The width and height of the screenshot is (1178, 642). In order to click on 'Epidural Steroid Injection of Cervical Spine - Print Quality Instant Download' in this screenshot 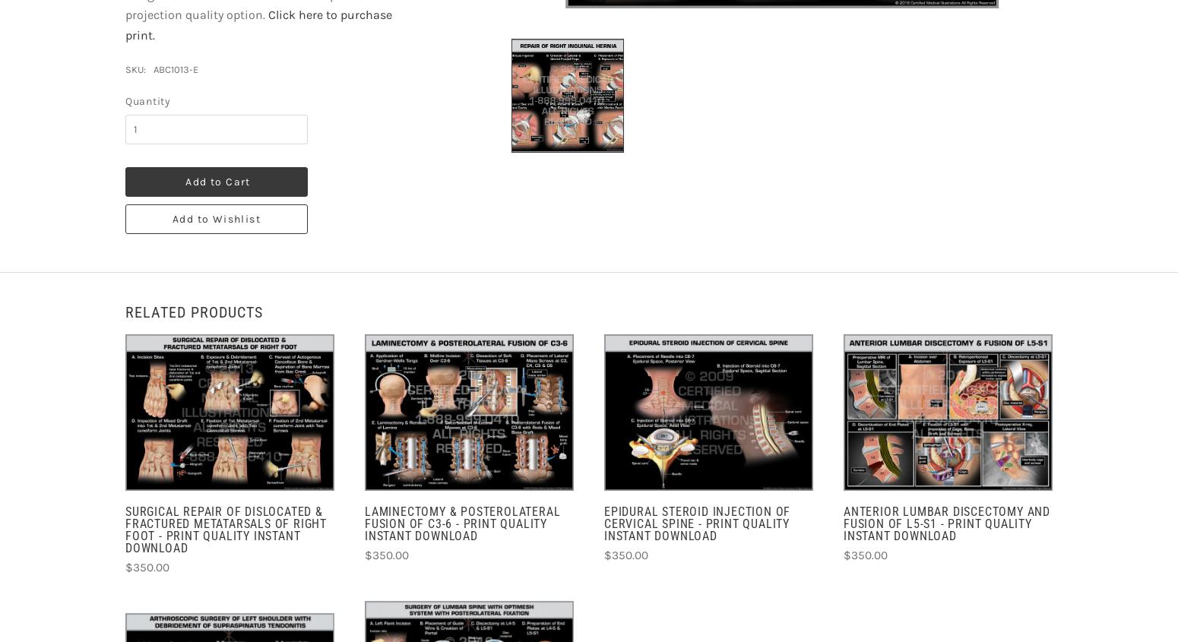, I will do `click(697, 523)`.